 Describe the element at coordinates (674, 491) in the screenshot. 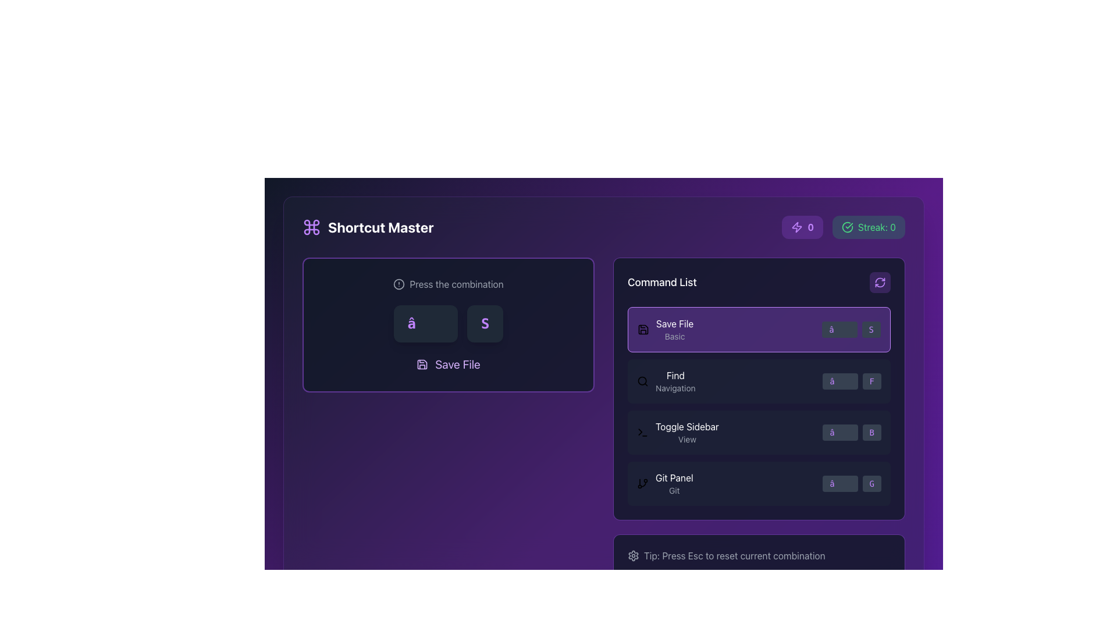

I see `the text label reading 'Git', which is styled with a small font size and gray color, located below the 'Git Panel' label in the command list layout` at that location.